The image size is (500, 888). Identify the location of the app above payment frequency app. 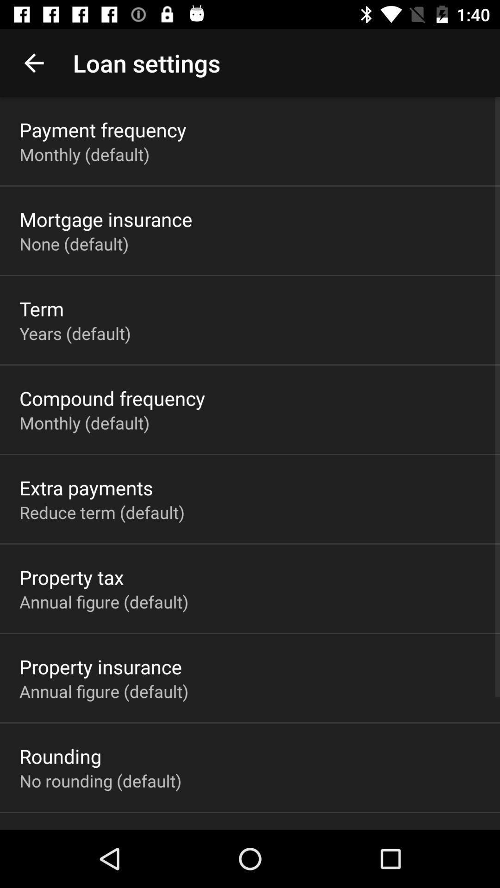
(33, 62).